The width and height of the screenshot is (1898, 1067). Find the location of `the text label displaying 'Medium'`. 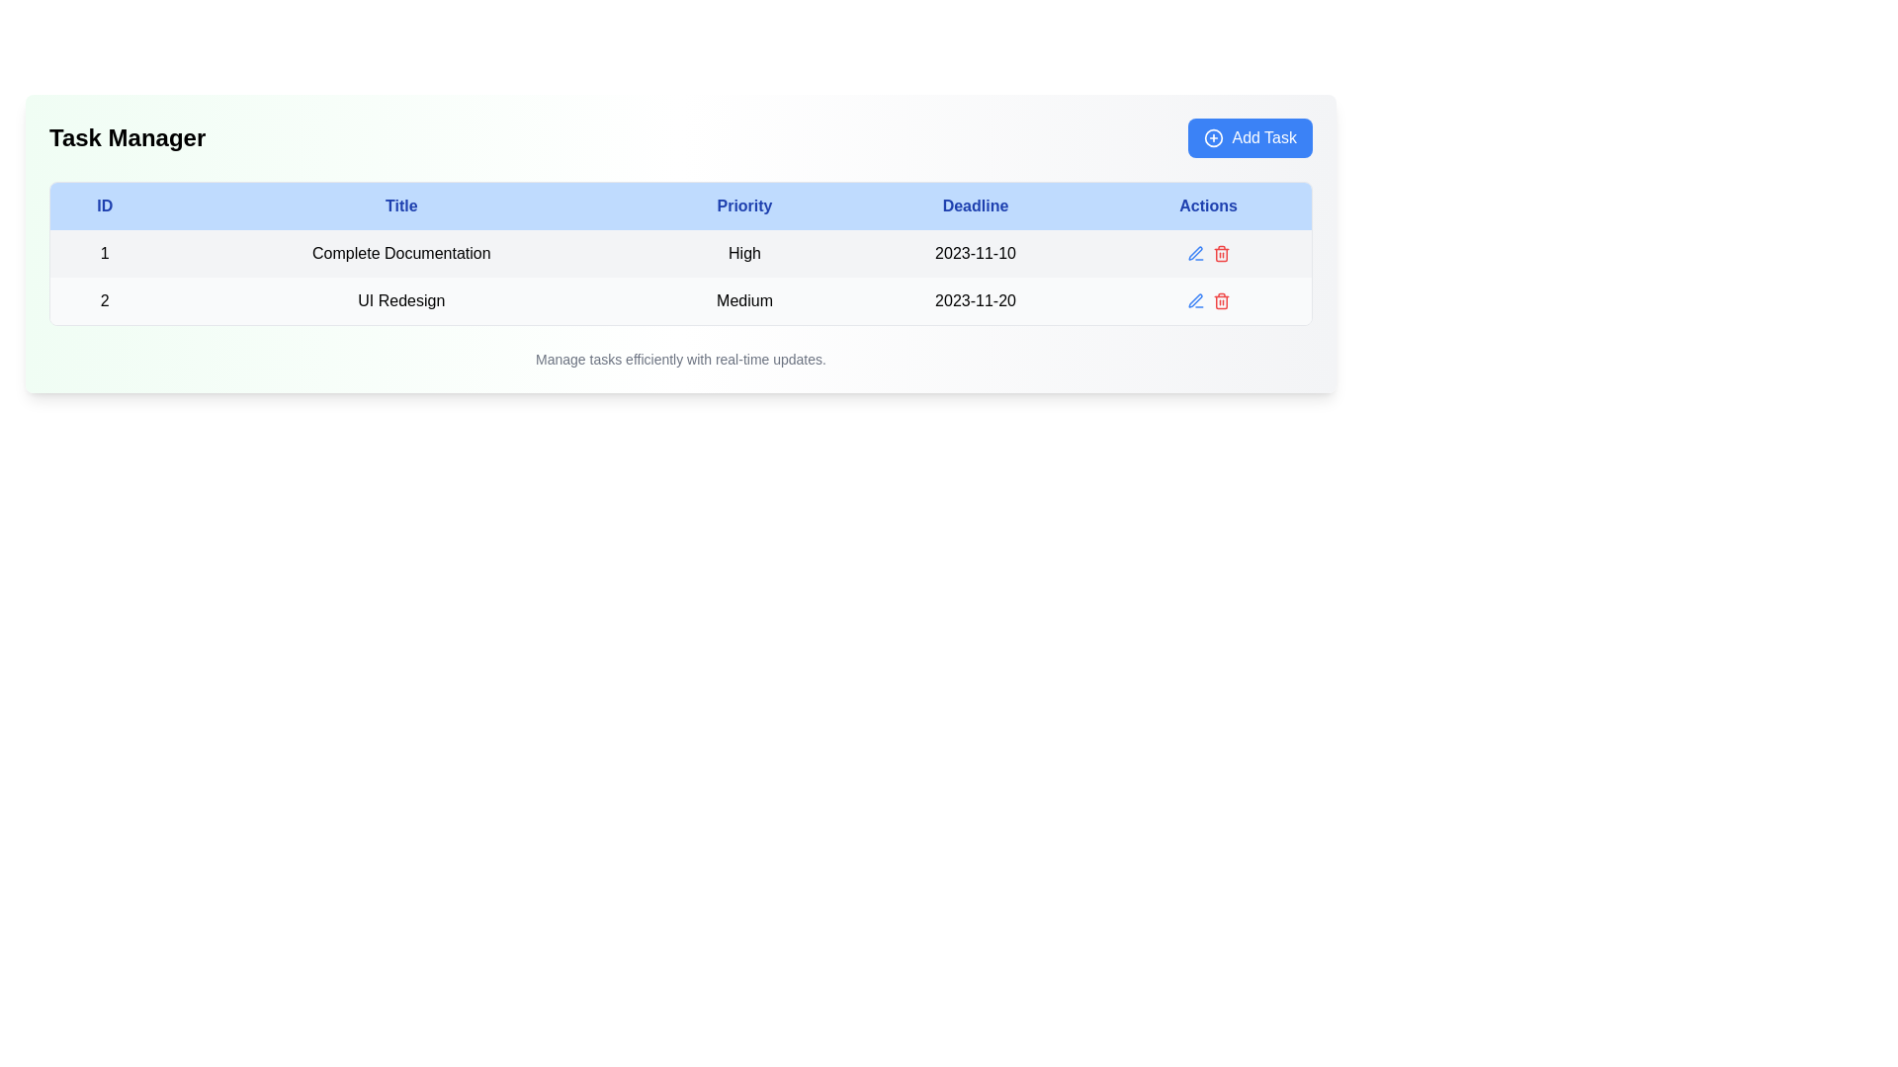

the text label displaying 'Medium' is located at coordinates (743, 300).